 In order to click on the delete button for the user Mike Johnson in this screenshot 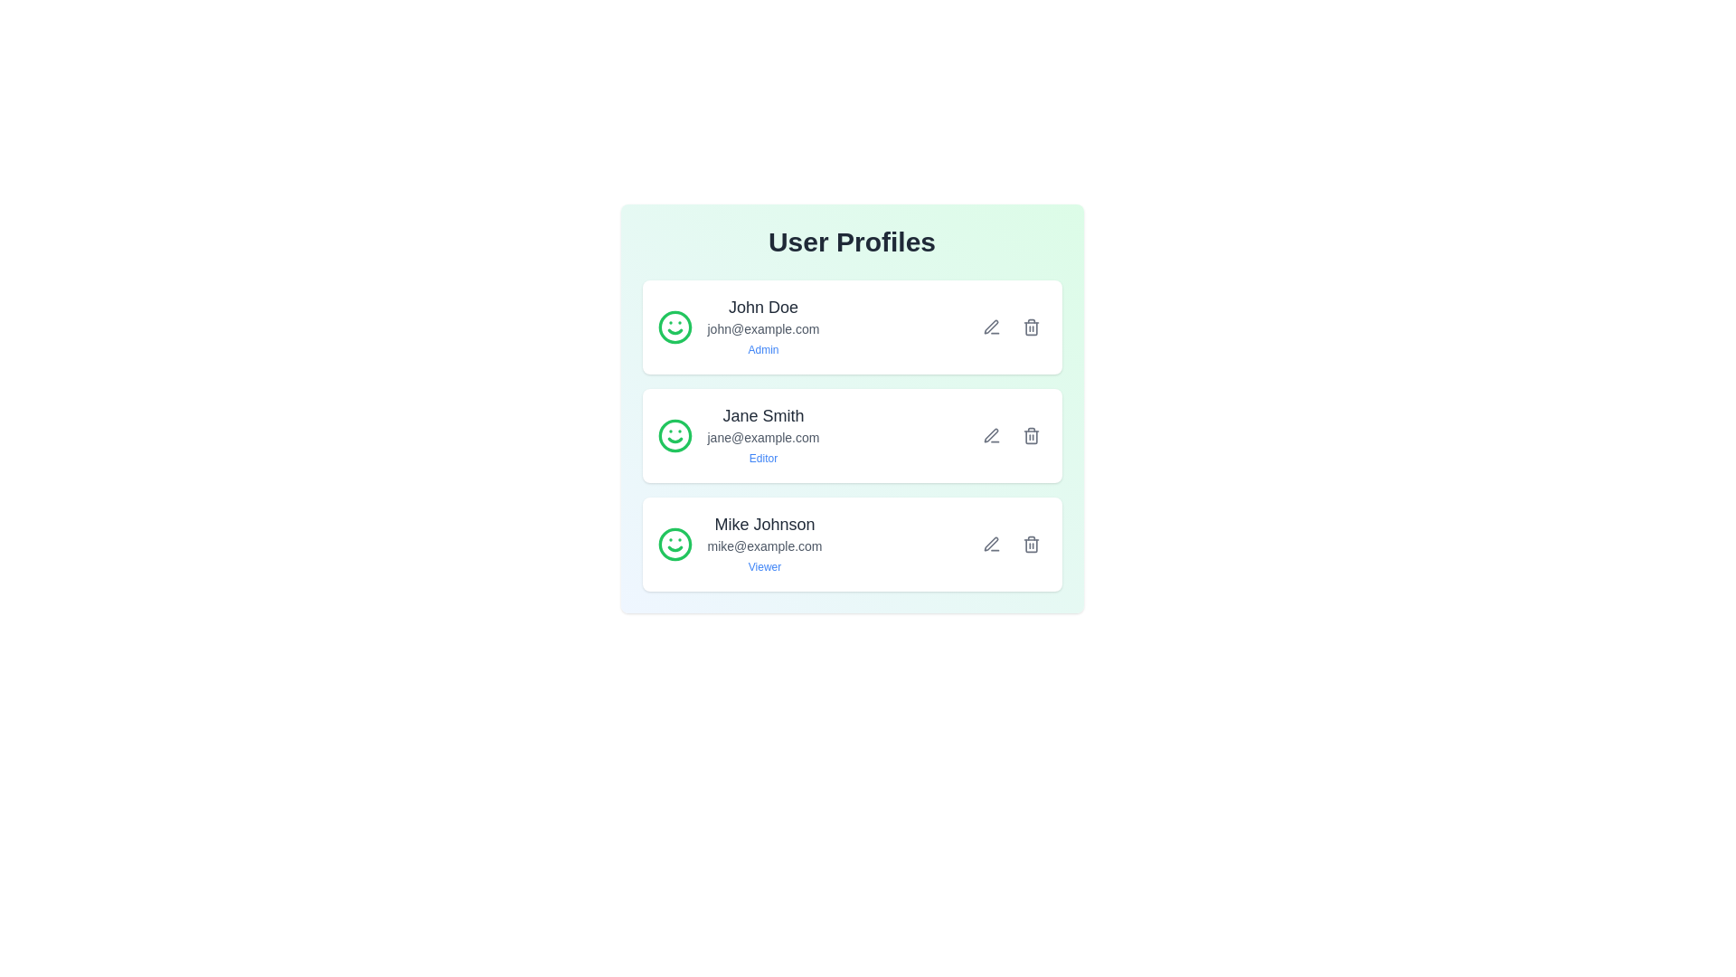, I will do `click(1031, 543)`.